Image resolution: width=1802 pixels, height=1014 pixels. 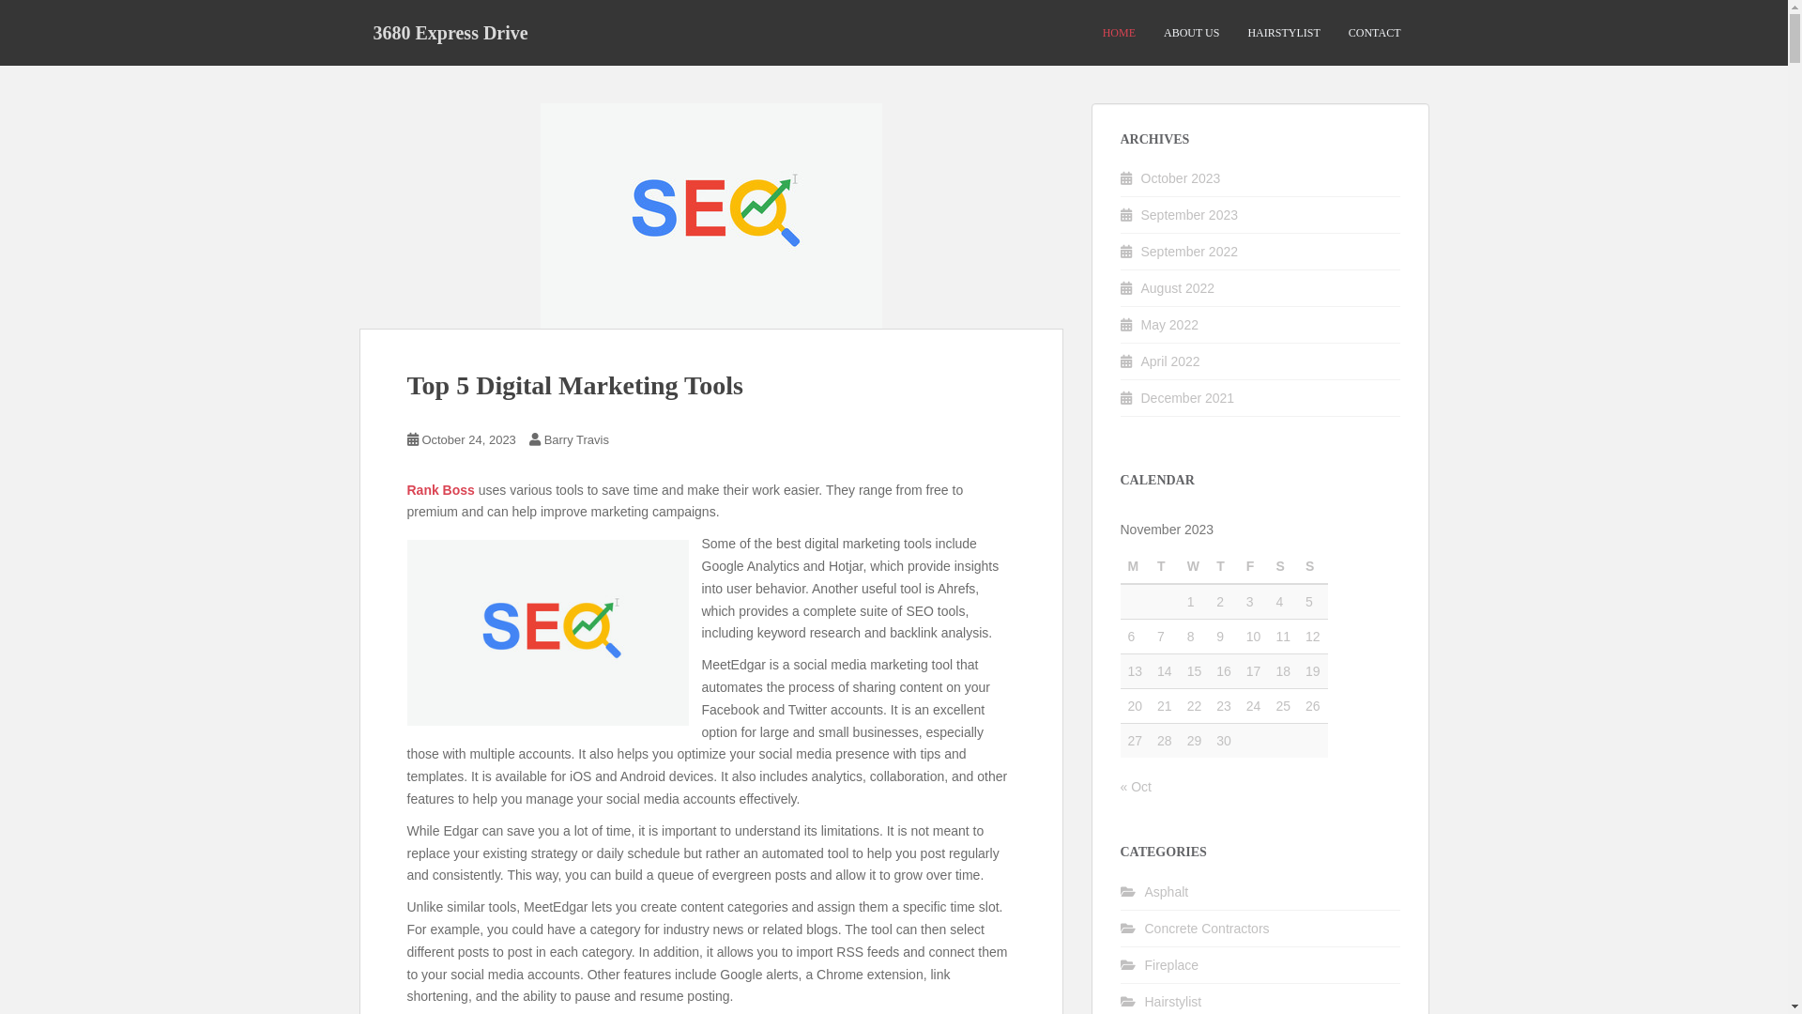 What do you see at coordinates (1374, 32) in the screenshot?
I see `'CONTACT'` at bounding box center [1374, 32].